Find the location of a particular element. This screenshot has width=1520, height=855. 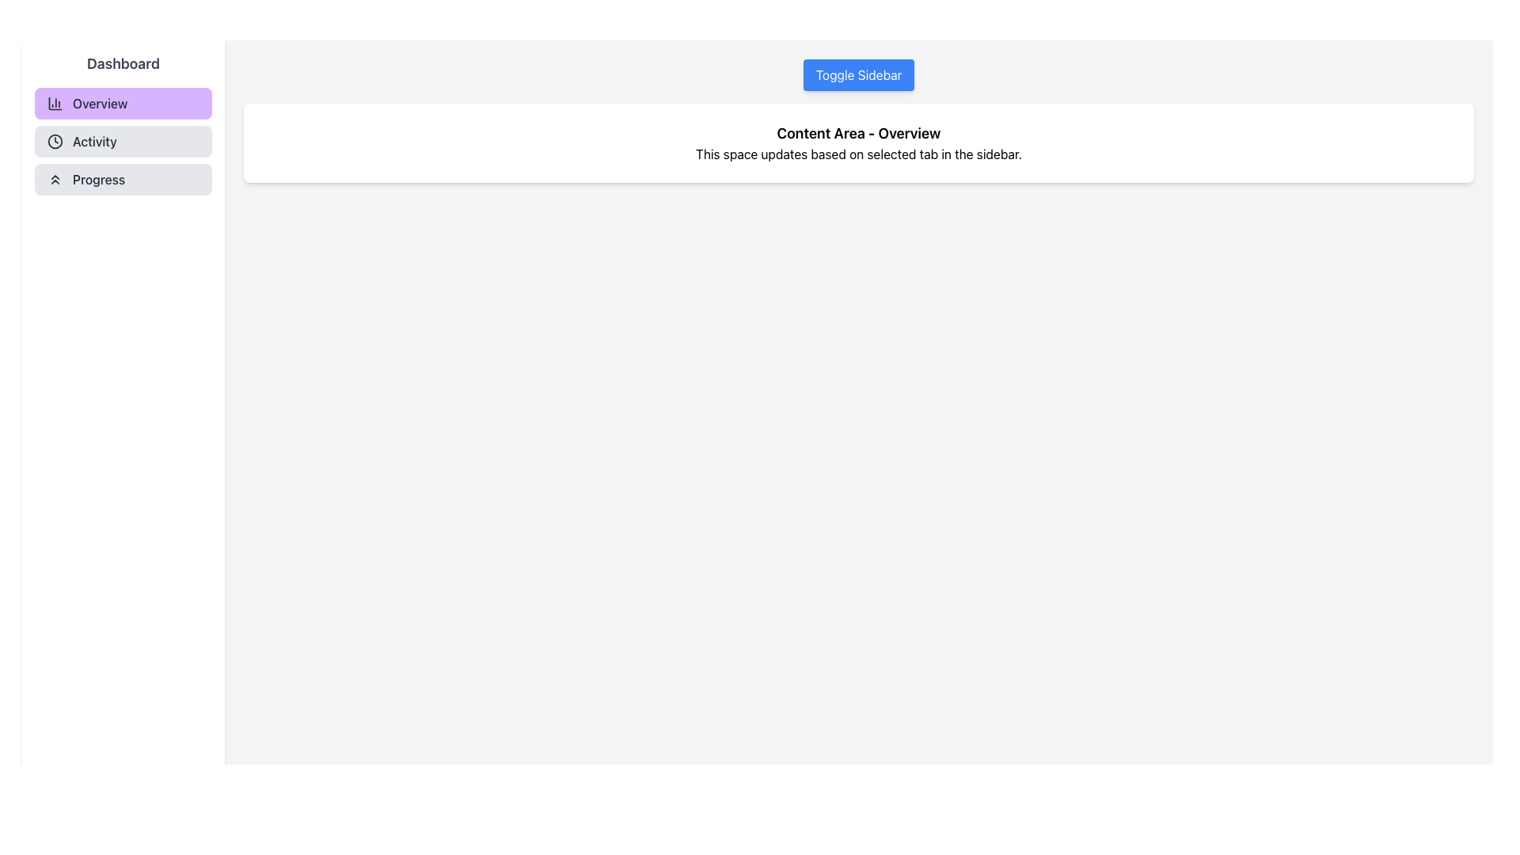

the textual heading displaying 'Content Area - Overview', which is styled in bold and located in the upper section of the main content area is located at coordinates (857, 133).